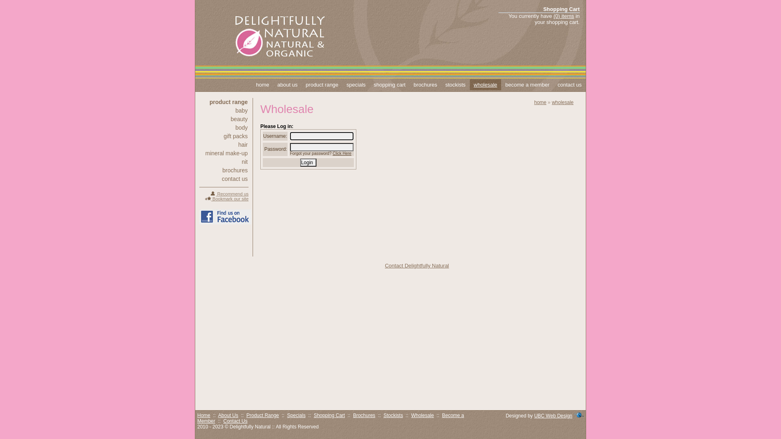 The width and height of the screenshot is (781, 439). Describe the element at coordinates (527, 85) in the screenshot. I see `'become a member'` at that location.